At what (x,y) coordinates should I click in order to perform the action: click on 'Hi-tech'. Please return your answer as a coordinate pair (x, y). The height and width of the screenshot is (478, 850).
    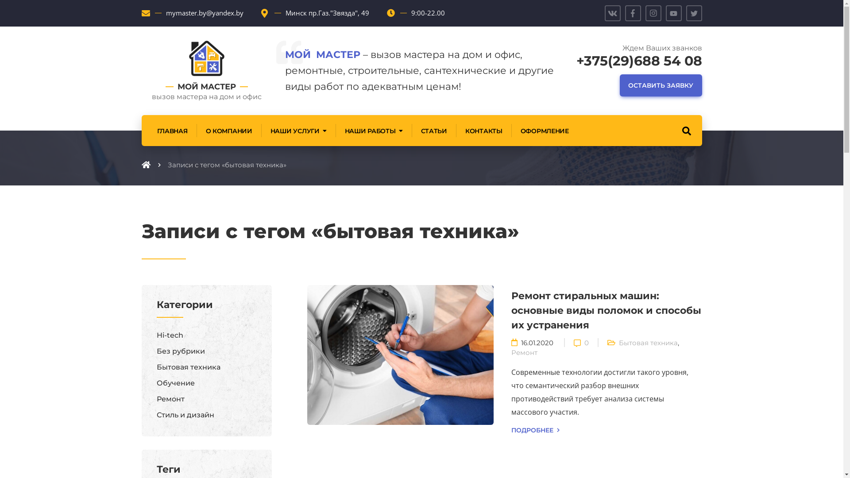
    Looking at the image, I should click on (170, 335).